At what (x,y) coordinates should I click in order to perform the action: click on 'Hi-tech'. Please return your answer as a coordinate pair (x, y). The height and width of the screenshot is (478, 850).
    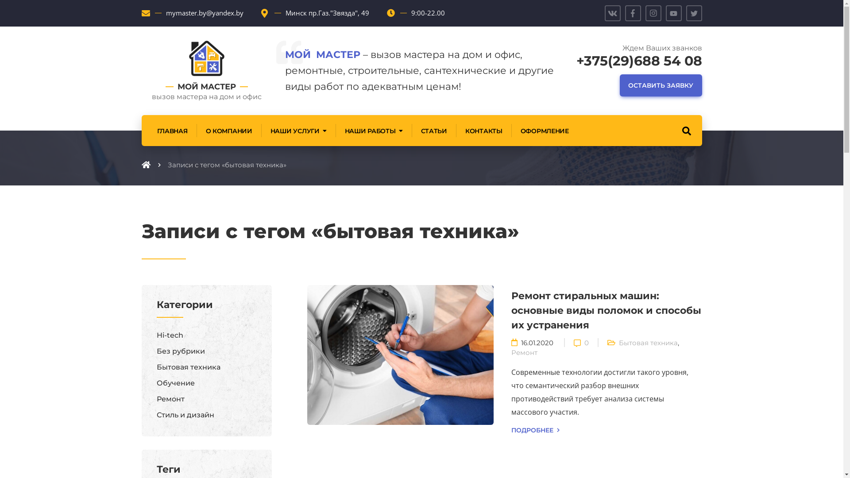
    Looking at the image, I should click on (170, 335).